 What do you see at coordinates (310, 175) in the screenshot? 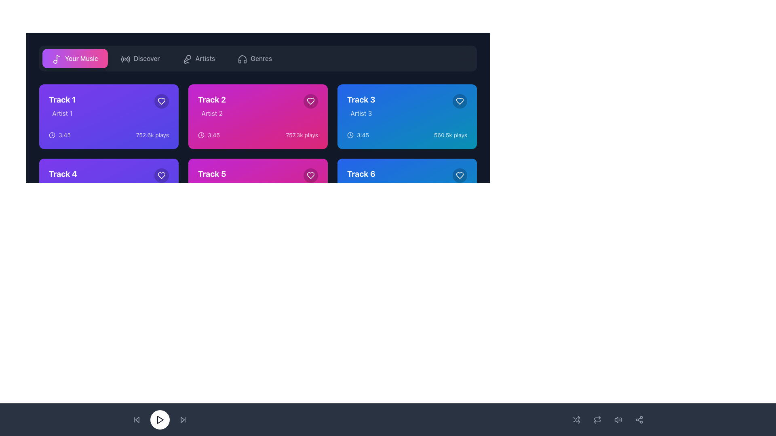
I see `the button located at the top-right corner of the tile for 'Track 5', allowing keyboard navigation to mark it as a favorite` at bounding box center [310, 175].